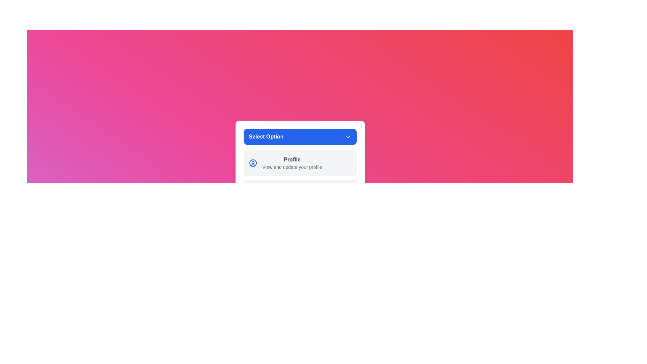 The width and height of the screenshot is (647, 364). I want to click on the icon of the menu item labeled 'Profile', so click(252, 163).